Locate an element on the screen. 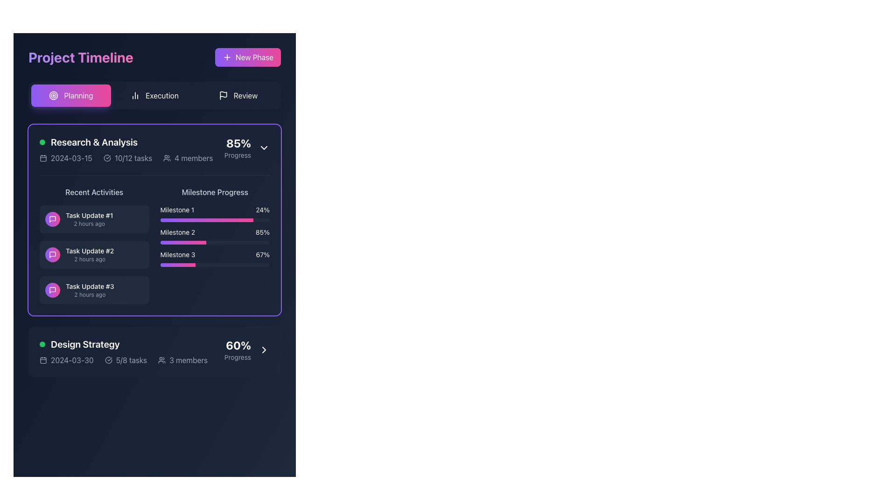  the icons accompanying the date, task completion ratio, and member count in the 'Research & Analysis' section, located beneath the section's title is located at coordinates (126, 158).